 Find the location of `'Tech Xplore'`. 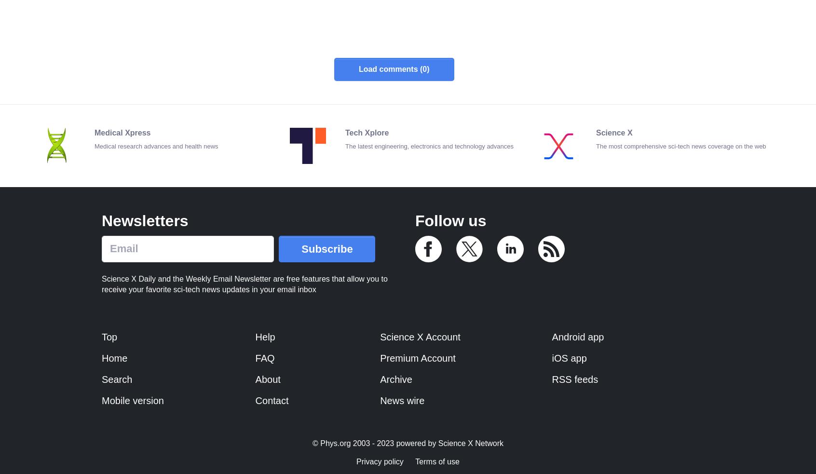

'Tech Xplore' is located at coordinates (366, 132).